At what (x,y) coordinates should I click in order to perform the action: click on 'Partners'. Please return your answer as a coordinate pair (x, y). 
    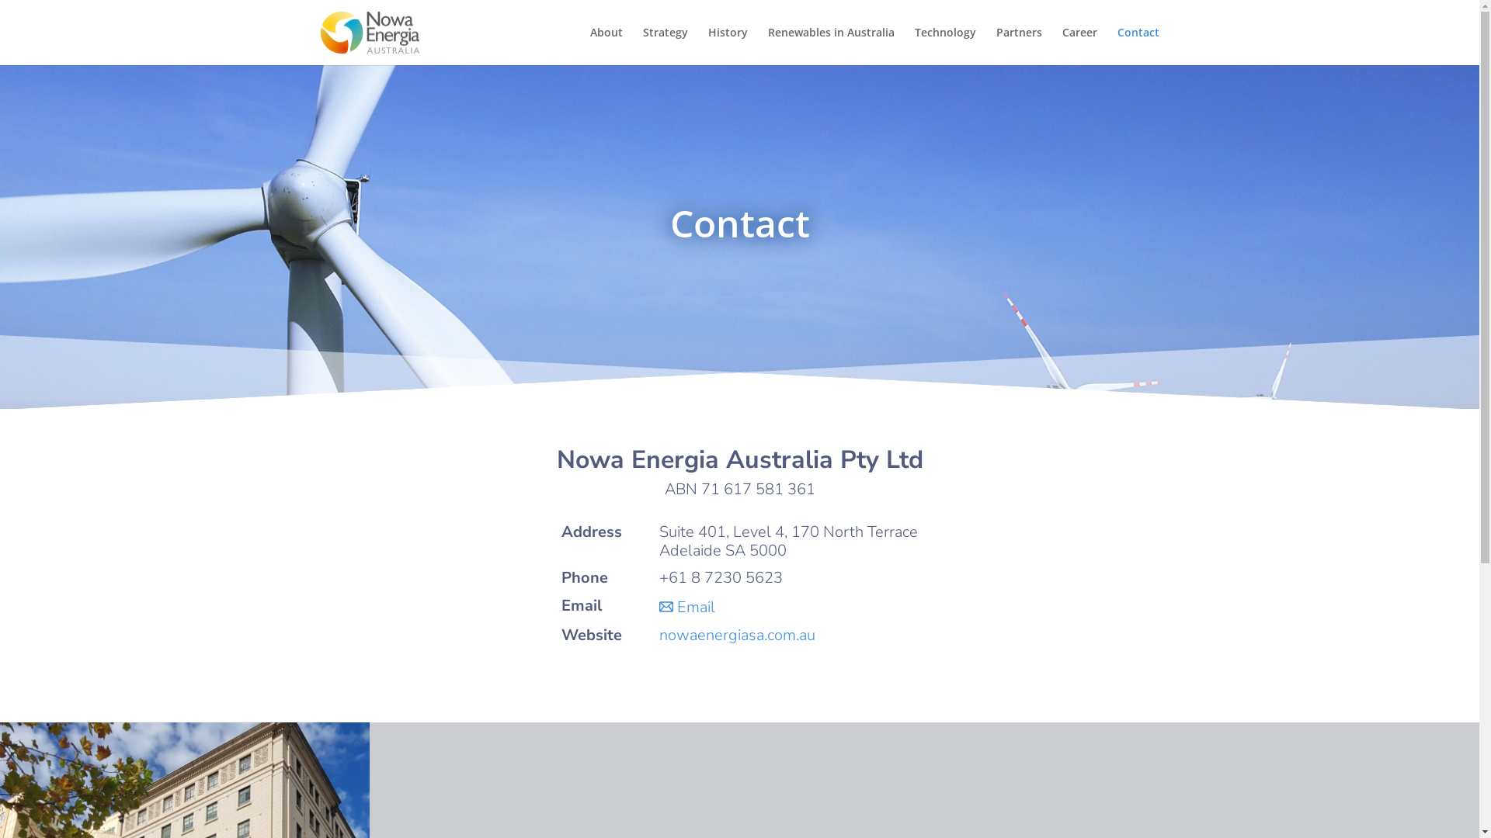
    Looking at the image, I should click on (995, 45).